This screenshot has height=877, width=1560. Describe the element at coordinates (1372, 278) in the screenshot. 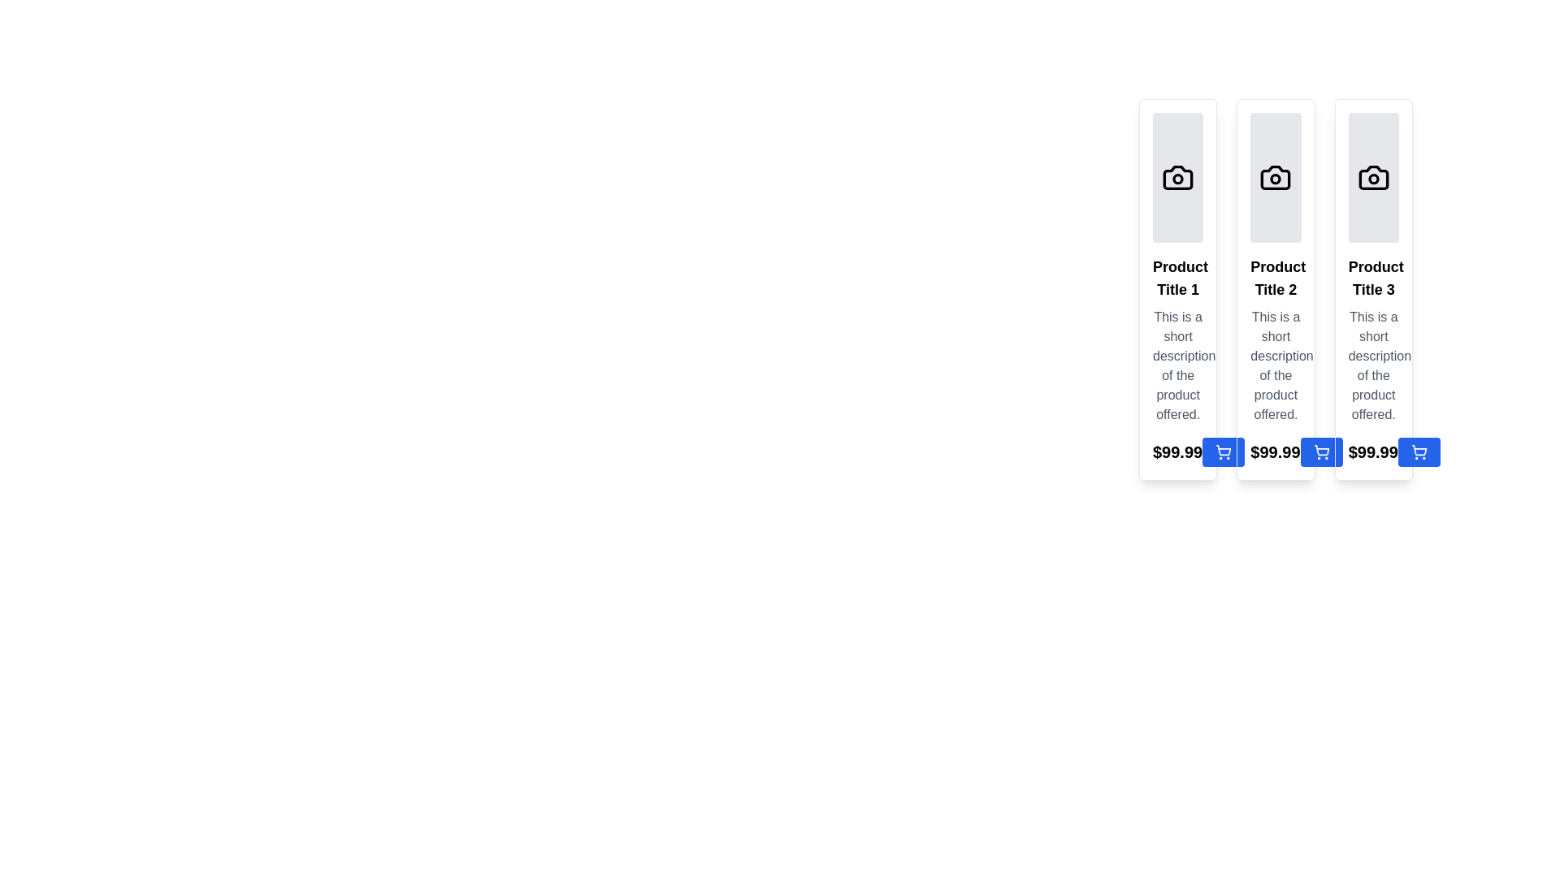

I see `the product title text label located at the top third of the third product card in a horizontally aligned list to potentially reveal additional information` at that location.